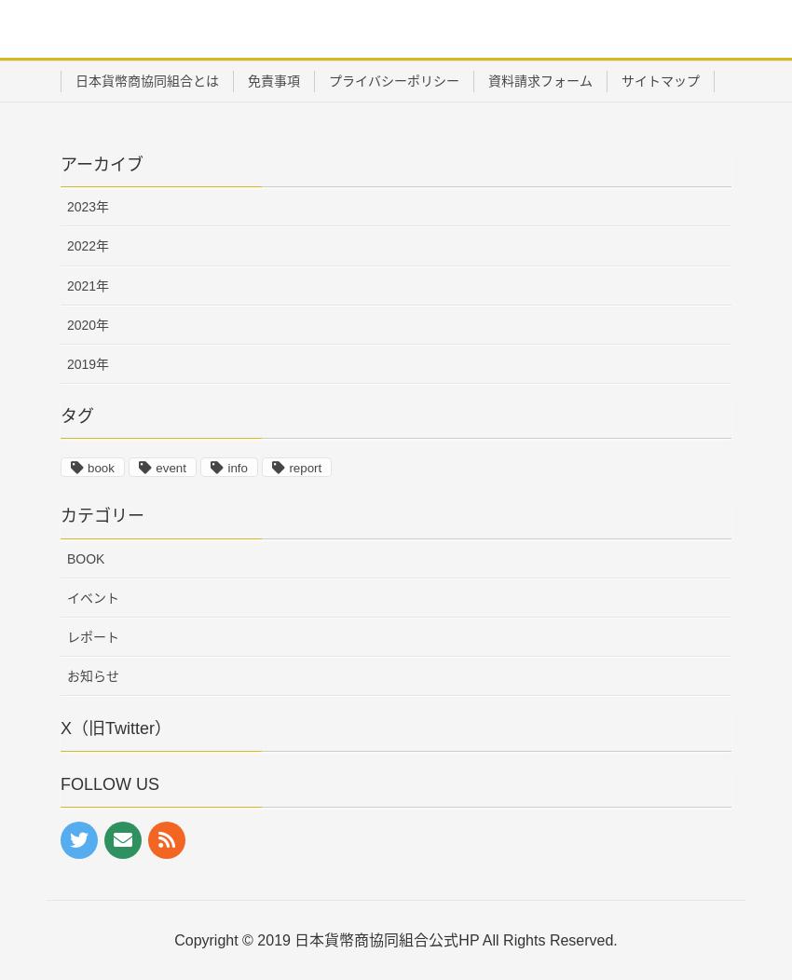  I want to click on 'report', so click(305, 467).